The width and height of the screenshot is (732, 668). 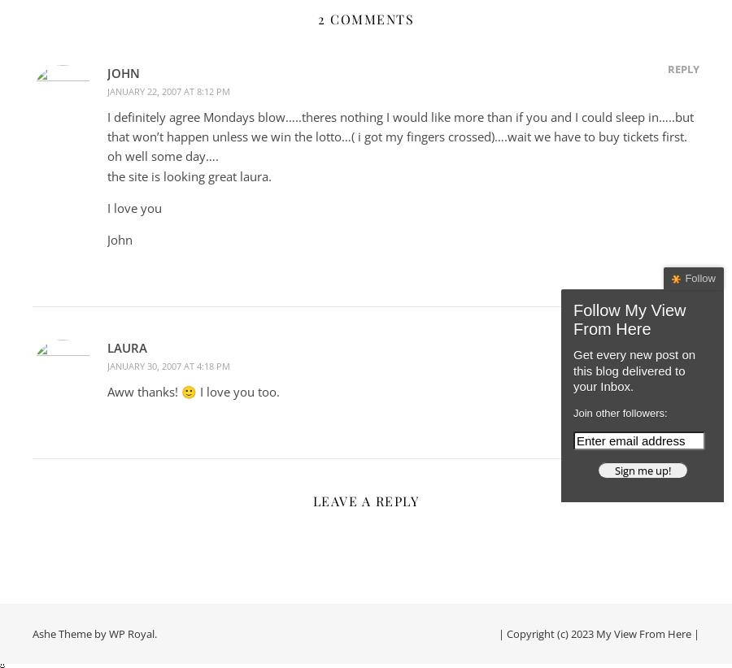 What do you see at coordinates (700, 277) in the screenshot?
I see `'Follow'` at bounding box center [700, 277].